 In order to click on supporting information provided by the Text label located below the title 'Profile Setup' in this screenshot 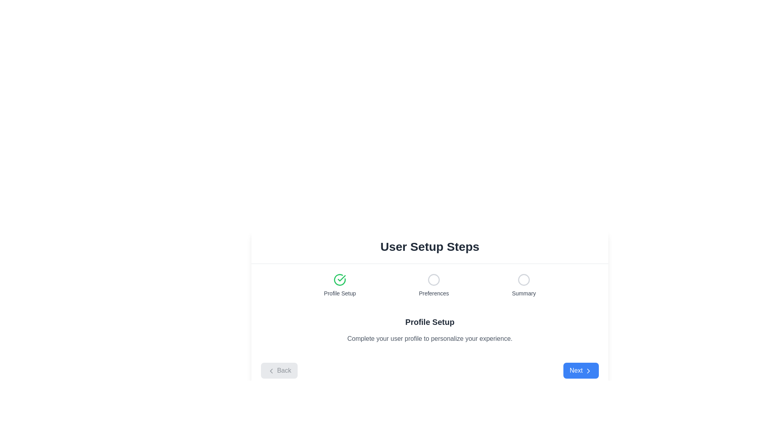, I will do `click(430, 339)`.